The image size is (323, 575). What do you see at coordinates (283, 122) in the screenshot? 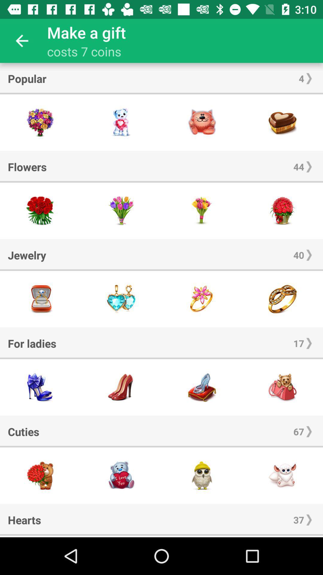
I see `this item` at bounding box center [283, 122].